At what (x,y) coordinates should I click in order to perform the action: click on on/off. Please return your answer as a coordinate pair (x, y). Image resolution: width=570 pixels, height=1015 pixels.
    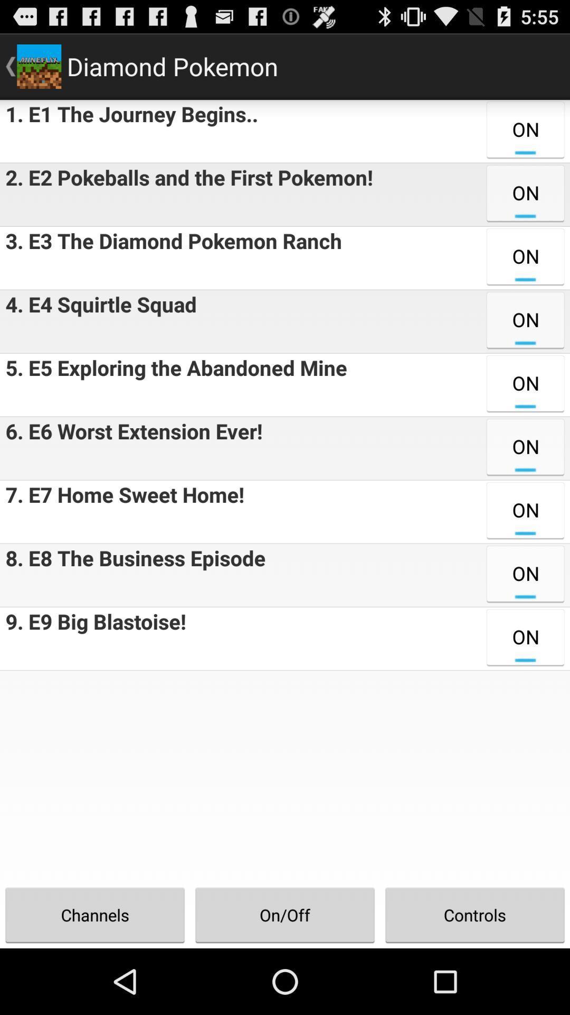
    Looking at the image, I should click on (285, 915).